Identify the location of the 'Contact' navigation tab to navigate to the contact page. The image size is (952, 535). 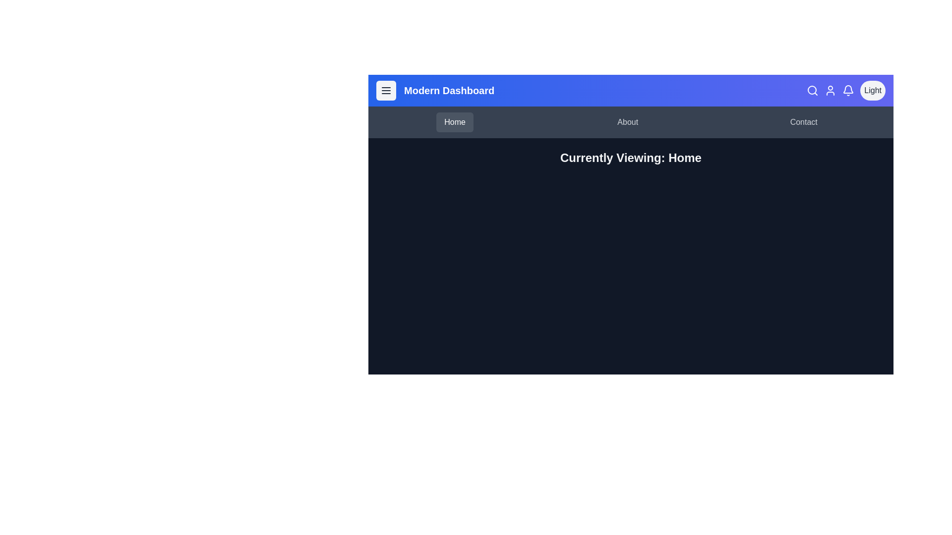
(804, 121).